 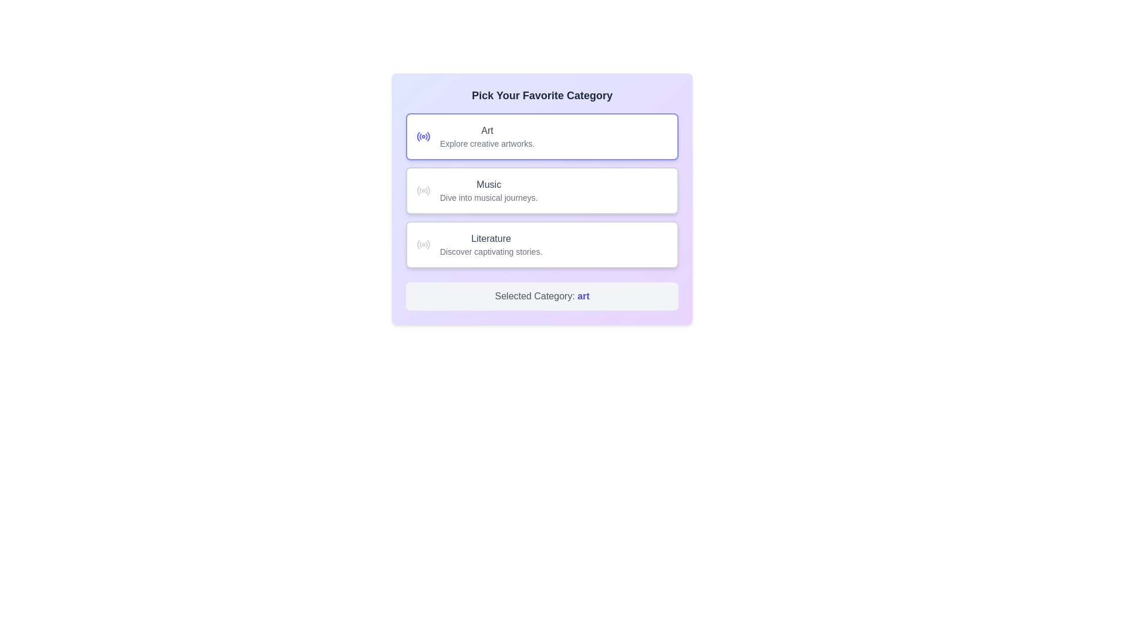 I want to click on the third item in the selectable list, which represents the 'Literature' category, so click(x=541, y=244).